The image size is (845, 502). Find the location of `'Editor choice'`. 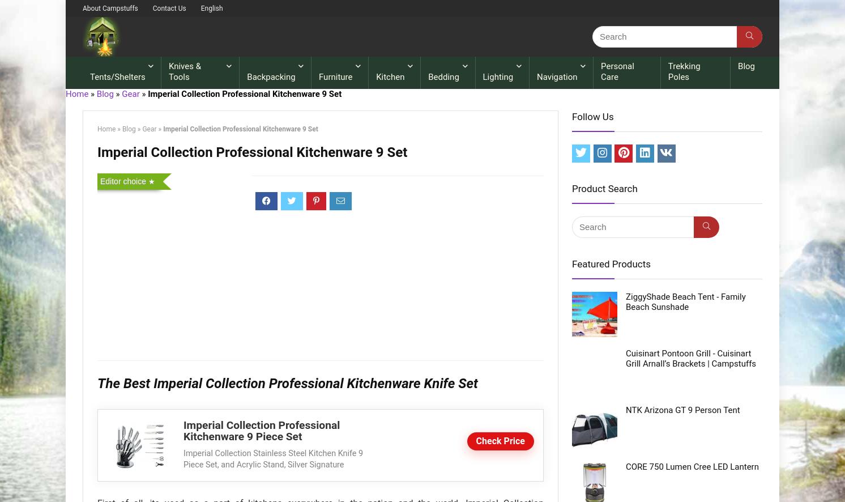

'Editor choice' is located at coordinates (122, 180).